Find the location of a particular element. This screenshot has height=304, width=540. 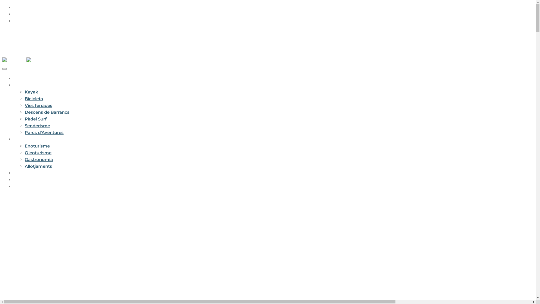

'xalaebre@gmail.com' is located at coordinates (54, 32).